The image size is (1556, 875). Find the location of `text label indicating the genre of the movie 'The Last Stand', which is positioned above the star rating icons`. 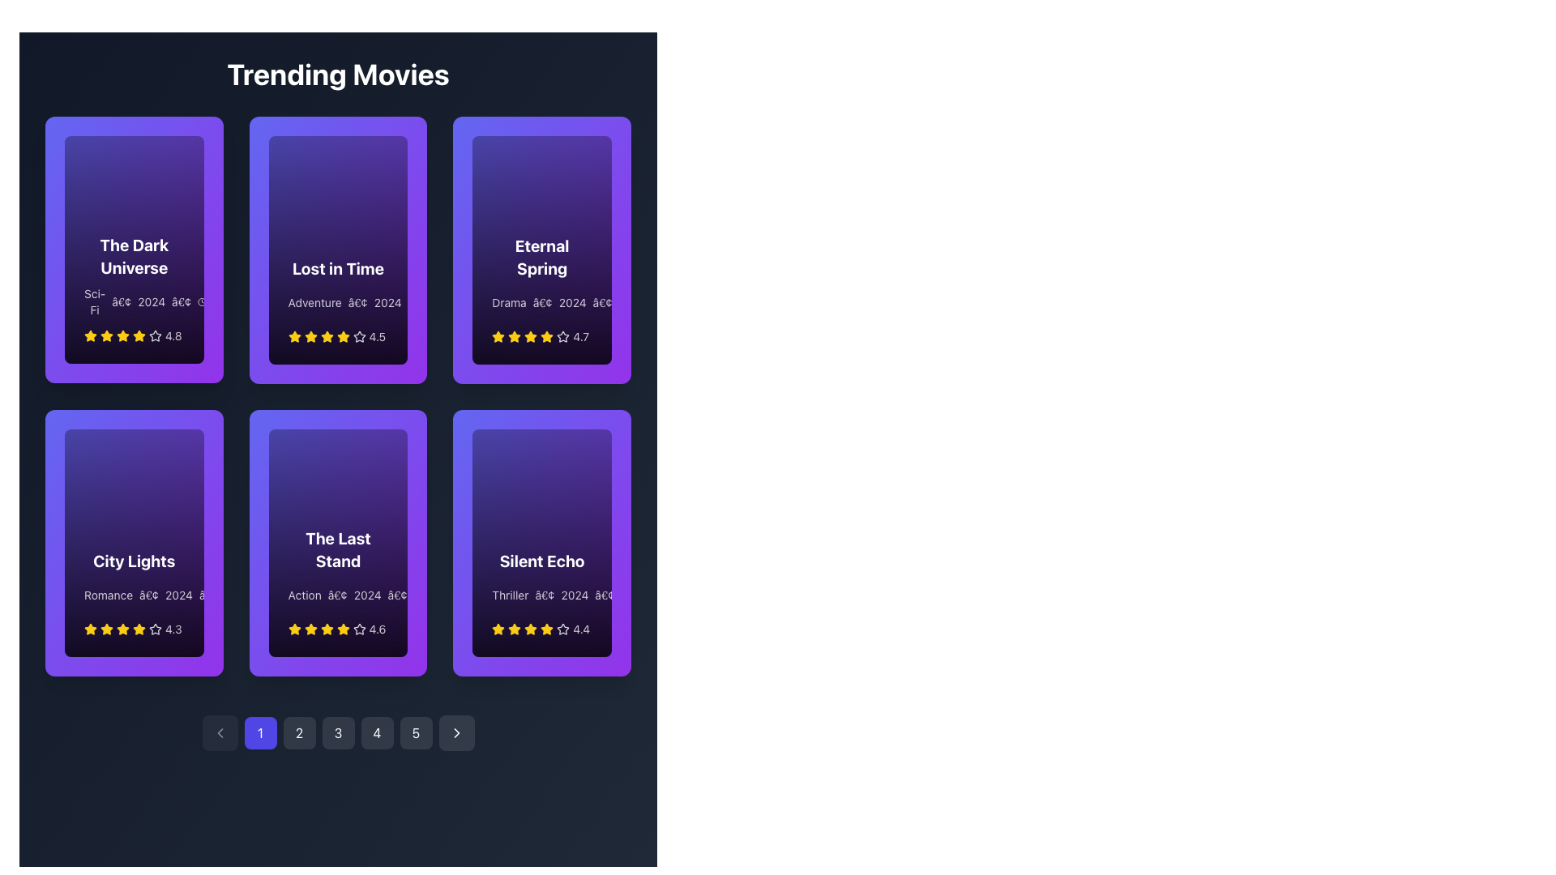

text label indicating the genre of the movie 'The Last Stand', which is positioned above the star rating icons is located at coordinates (305, 595).